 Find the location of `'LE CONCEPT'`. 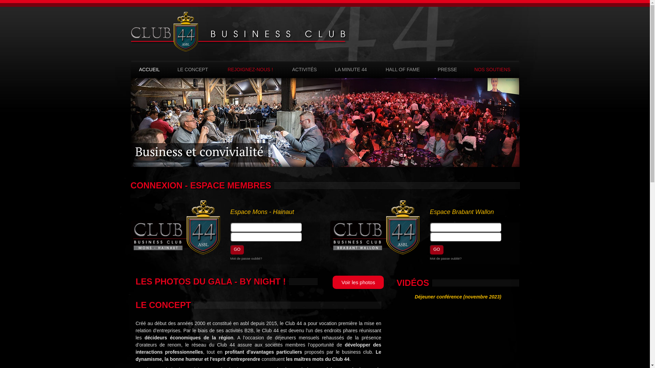

'LE CONCEPT' is located at coordinates (173, 70).